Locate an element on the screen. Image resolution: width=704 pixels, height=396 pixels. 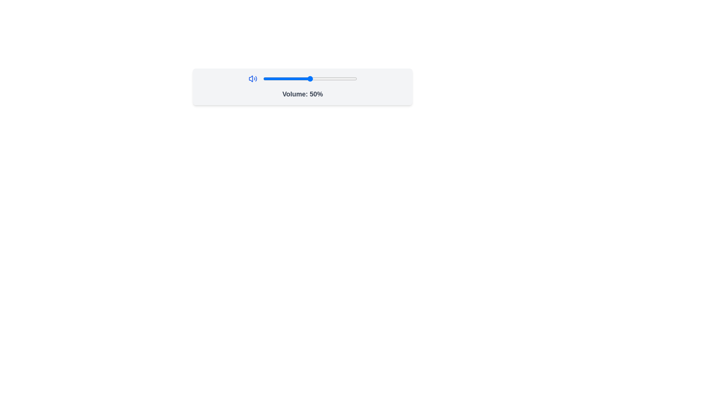
the slider volume is located at coordinates (349, 79).